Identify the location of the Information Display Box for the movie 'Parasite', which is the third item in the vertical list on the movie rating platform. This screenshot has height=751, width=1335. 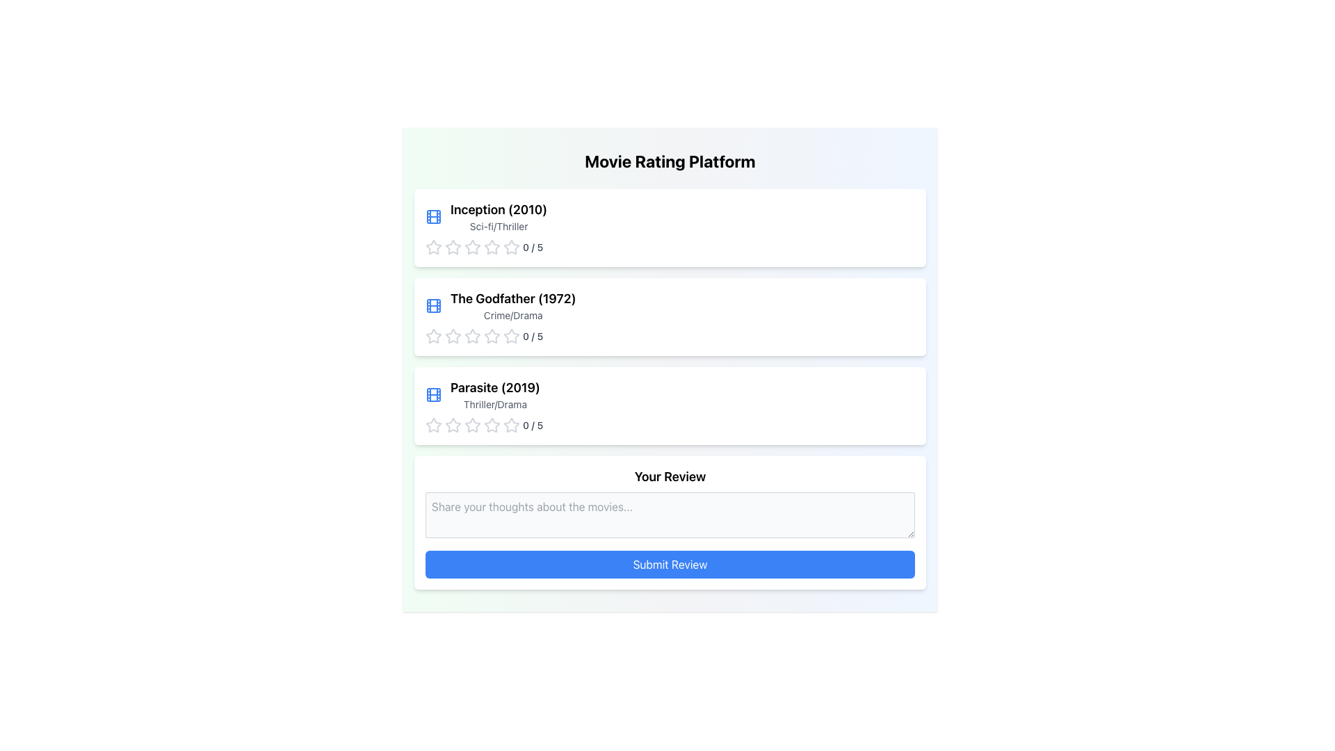
(670, 394).